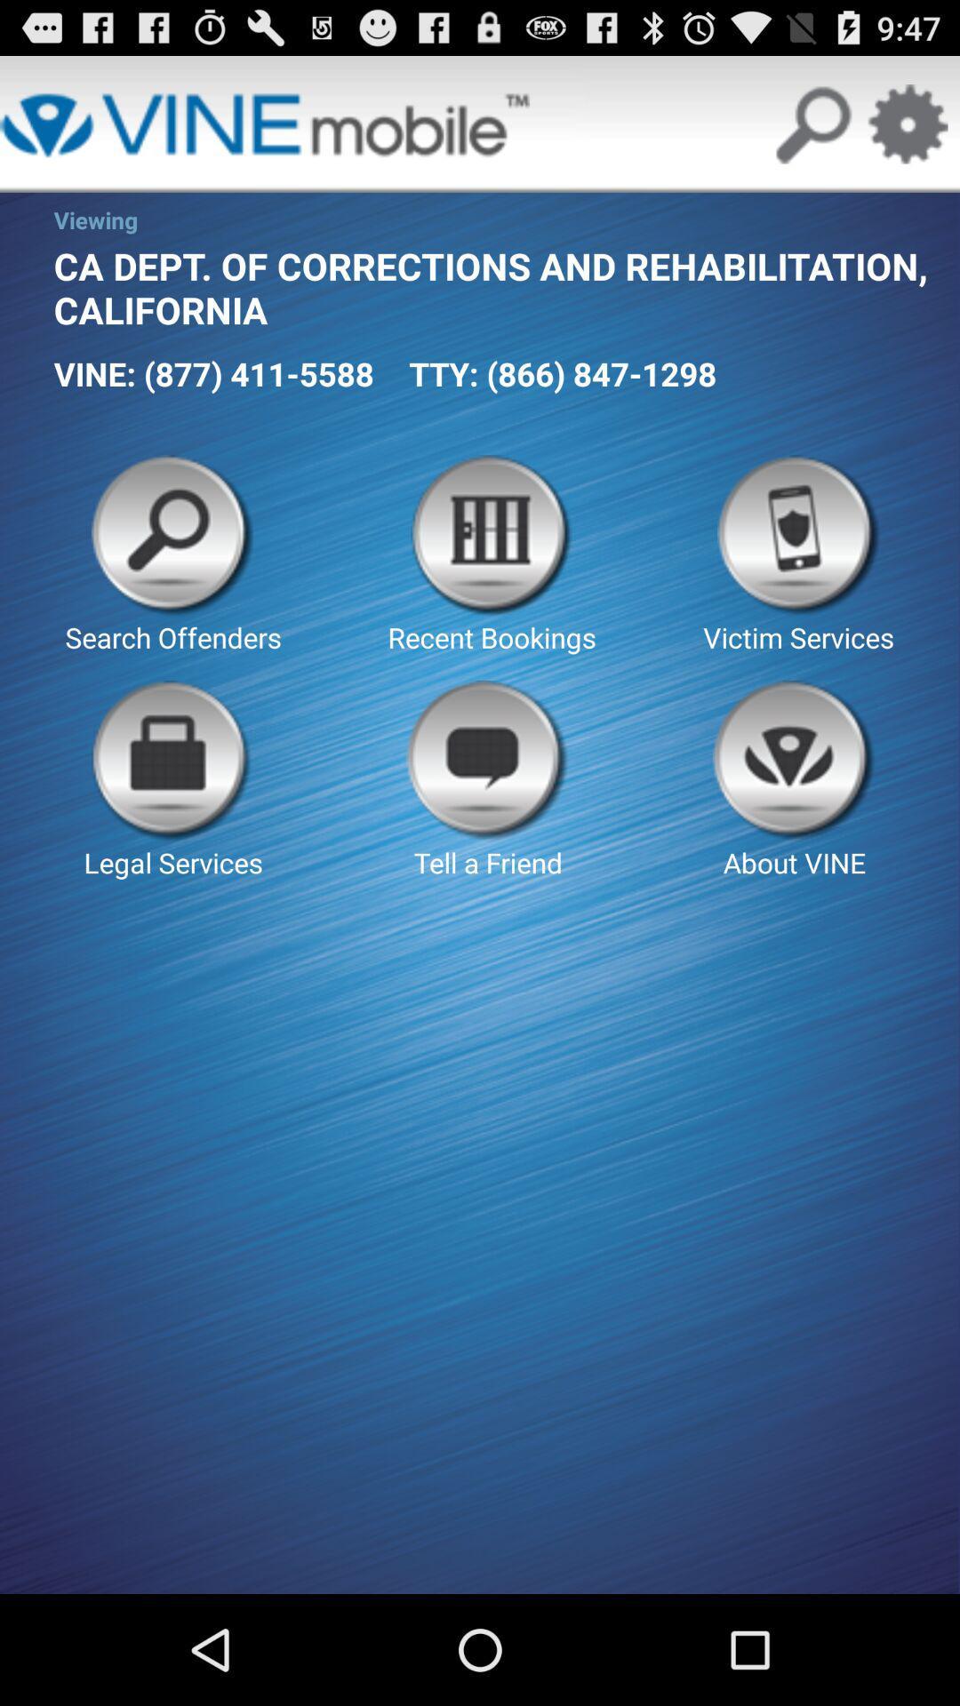 This screenshot has width=960, height=1706. Describe the element at coordinates (173, 554) in the screenshot. I see `the icon above the legal services button` at that location.